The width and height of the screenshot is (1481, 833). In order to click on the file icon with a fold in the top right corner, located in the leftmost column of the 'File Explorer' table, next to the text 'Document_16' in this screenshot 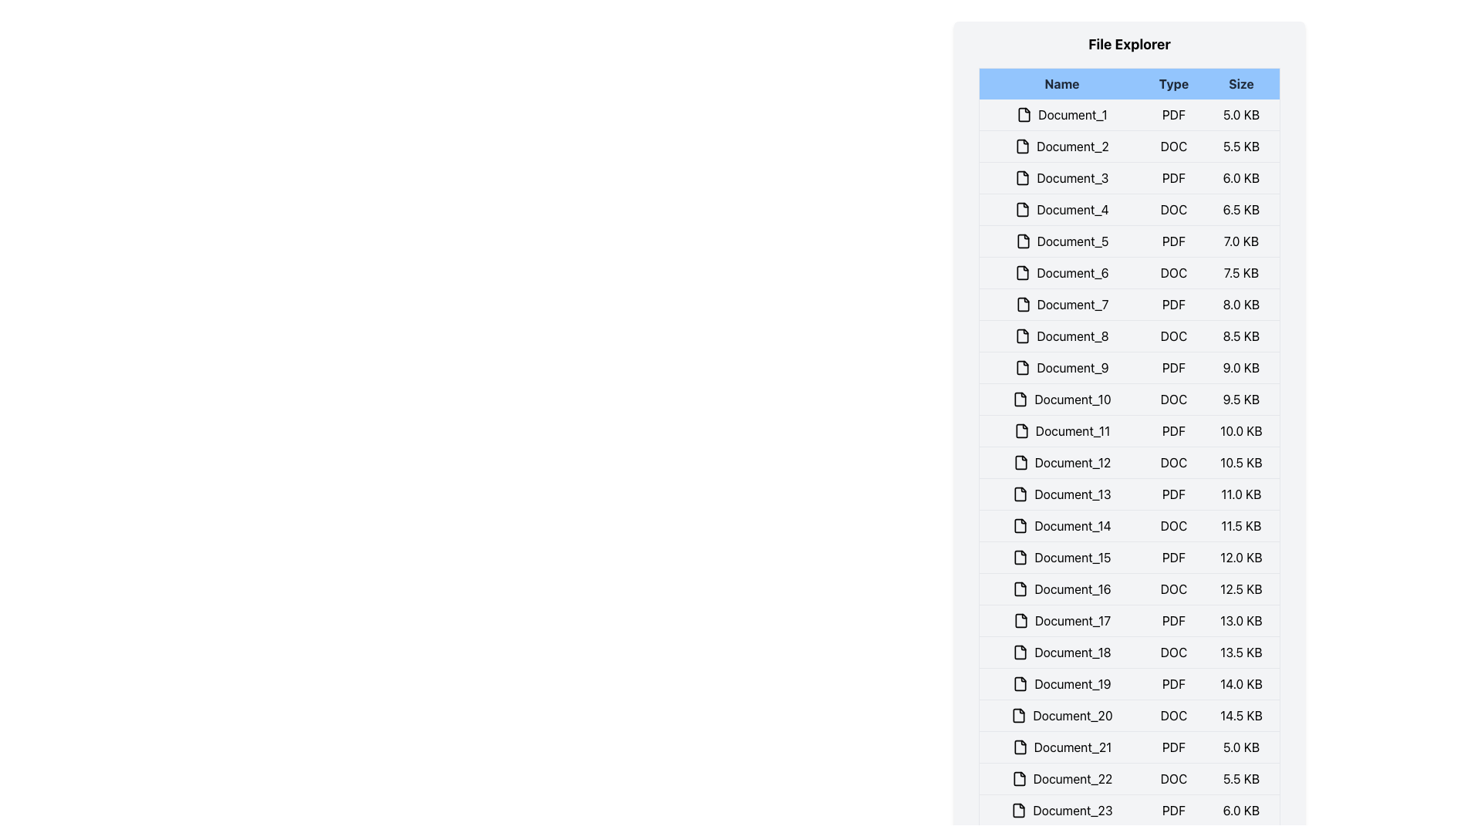, I will do `click(1021, 588)`.